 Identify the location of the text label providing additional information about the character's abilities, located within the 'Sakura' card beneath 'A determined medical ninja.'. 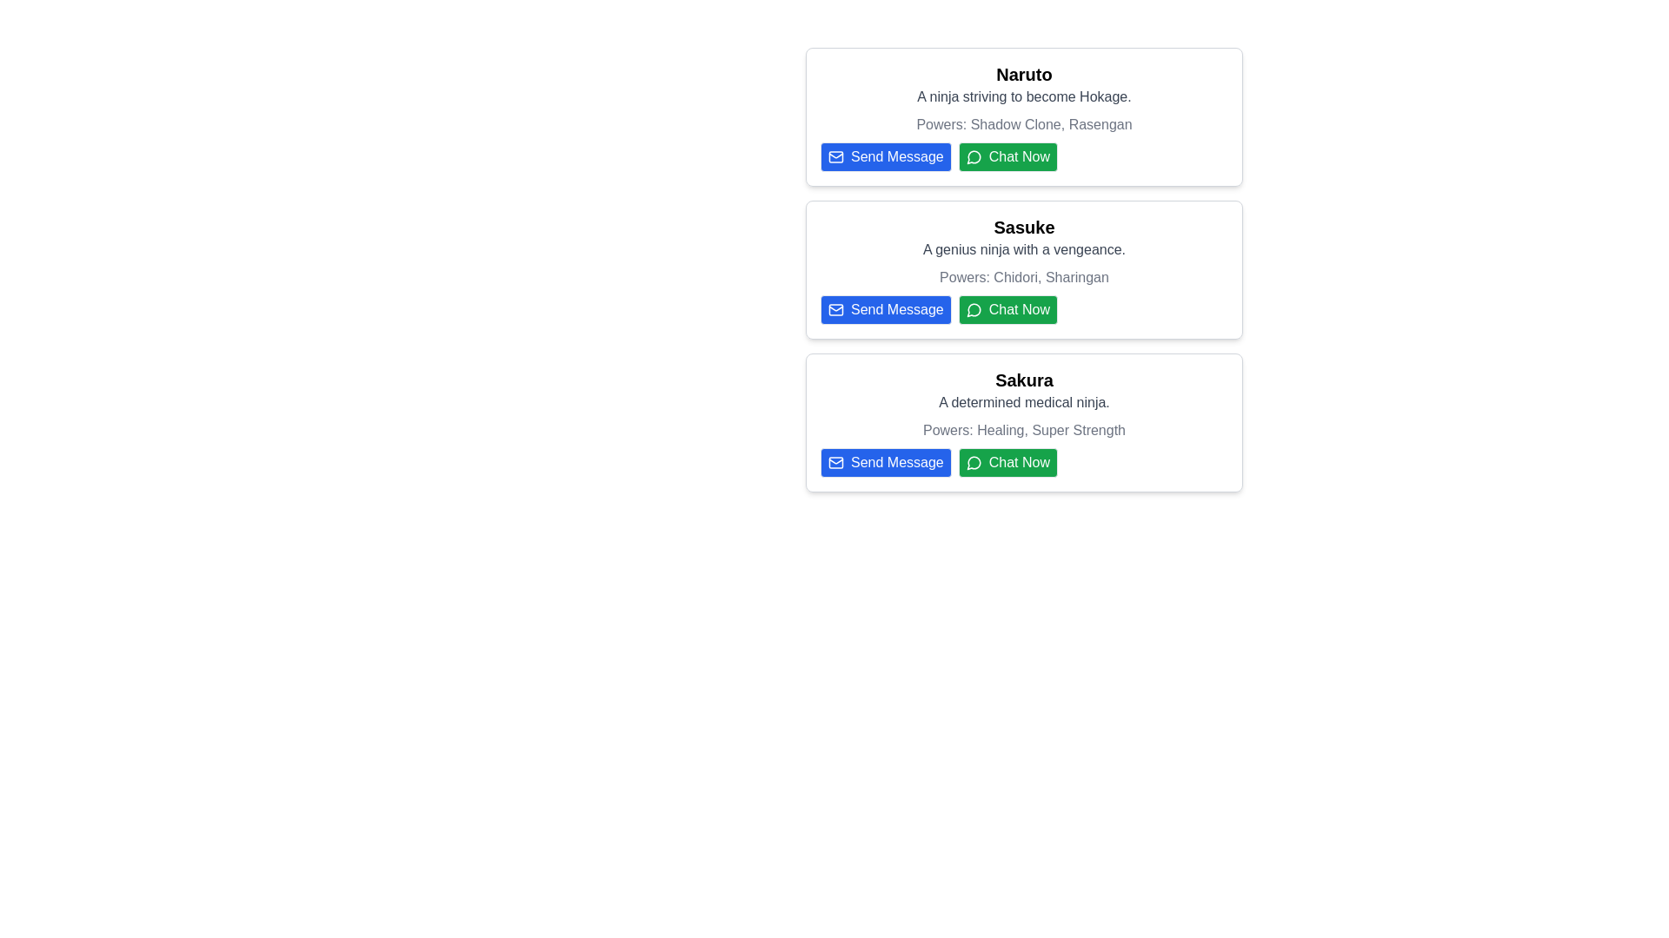
(1024, 430).